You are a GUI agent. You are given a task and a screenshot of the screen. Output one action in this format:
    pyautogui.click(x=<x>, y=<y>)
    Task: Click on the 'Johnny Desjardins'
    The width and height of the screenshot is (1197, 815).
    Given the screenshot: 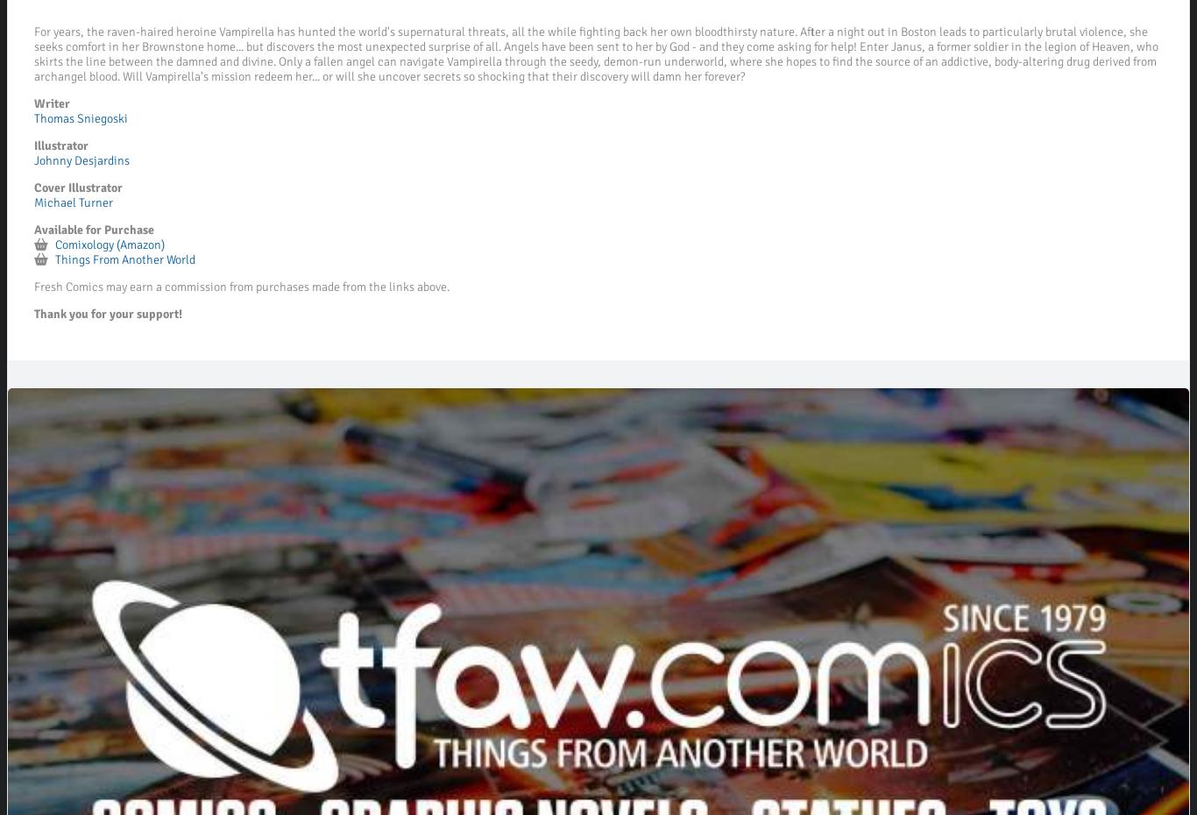 What is the action you would take?
    pyautogui.click(x=81, y=159)
    